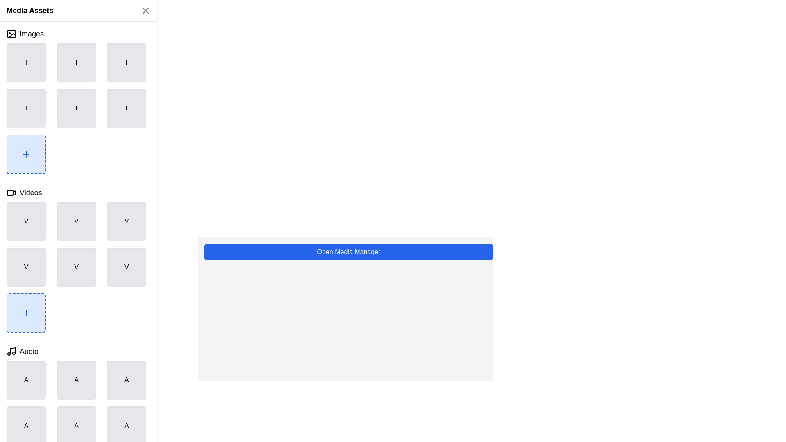 Image resolution: width=786 pixels, height=442 pixels. Describe the element at coordinates (145, 11) in the screenshot. I see `the Close button represented by a diagonal cross (X) located at the top-right corner of the 'Media Assets' panel for keyboard interaction` at that location.